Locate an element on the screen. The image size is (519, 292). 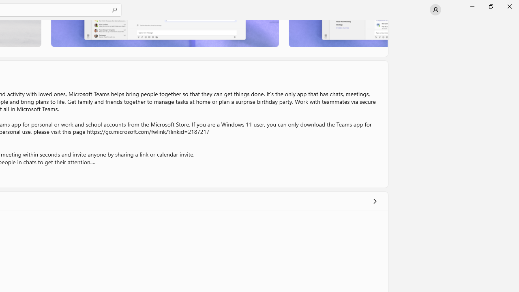
'User profile' is located at coordinates (435, 10).